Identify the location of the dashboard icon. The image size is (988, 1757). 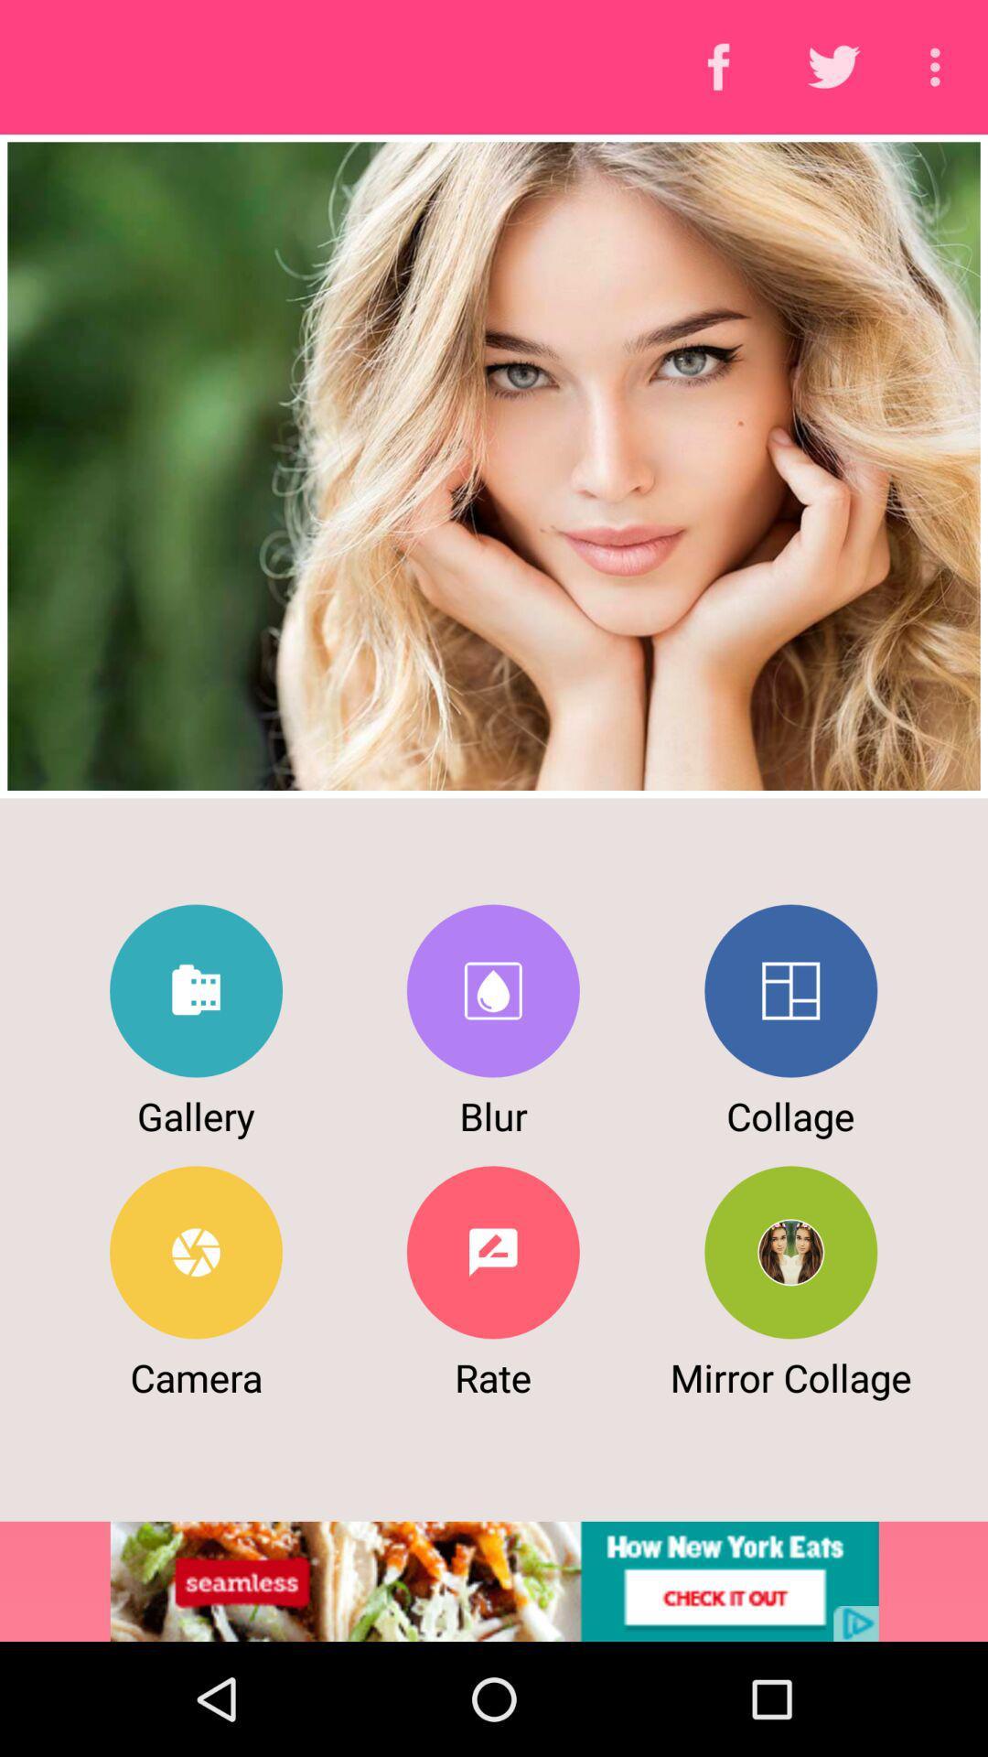
(789, 990).